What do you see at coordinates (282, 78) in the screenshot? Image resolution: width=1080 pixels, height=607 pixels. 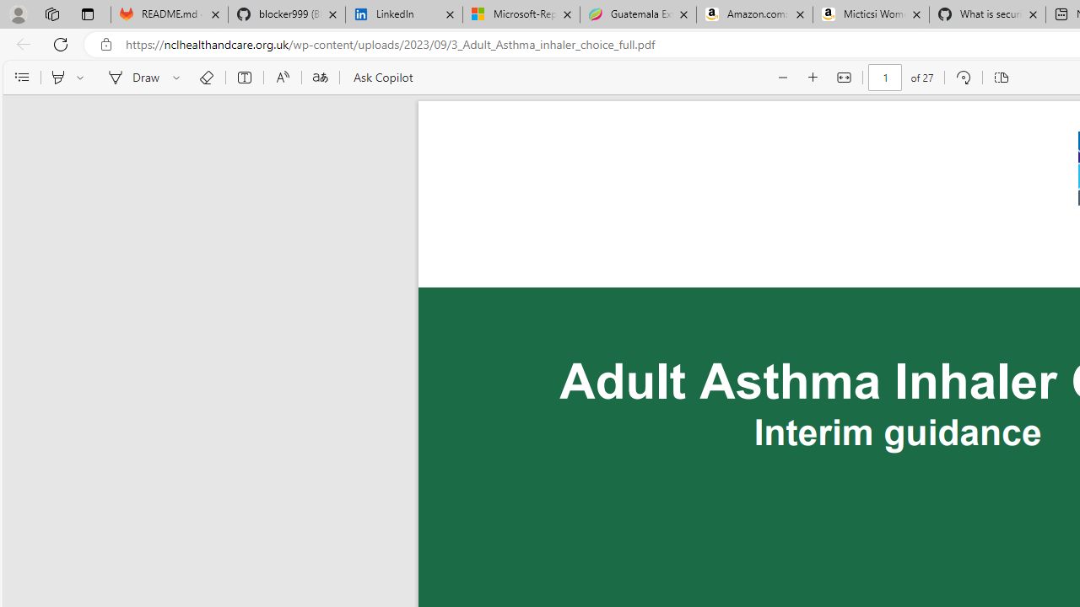 I see `'Read aloud'` at bounding box center [282, 78].